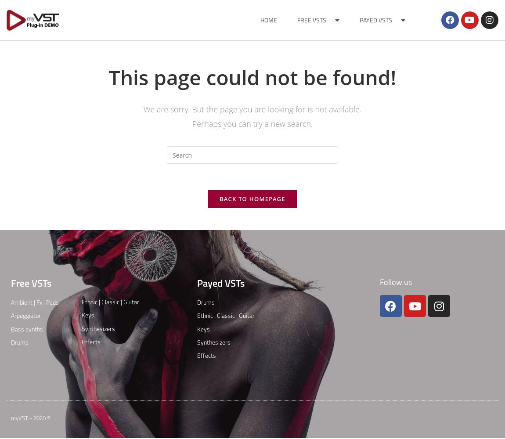 The height and width of the screenshot is (439, 505). I want to click on 'We are sorry. But the page you are looking for is not available.', so click(143, 109).